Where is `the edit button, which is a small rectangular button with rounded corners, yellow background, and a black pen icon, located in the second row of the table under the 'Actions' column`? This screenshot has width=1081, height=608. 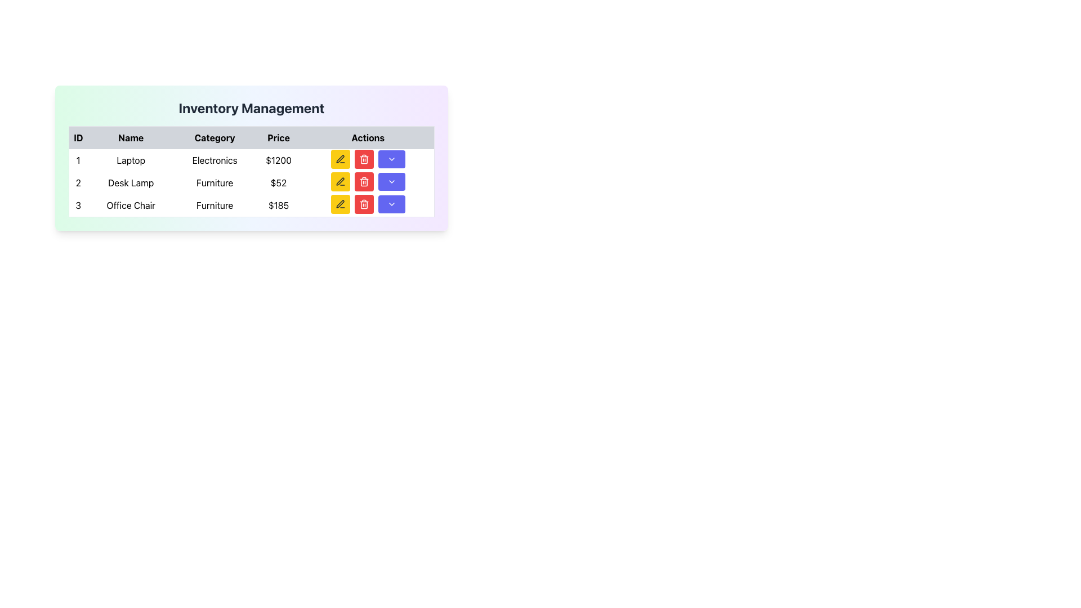 the edit button, which is a small rectangular button with rounded corners, yellow background, and a black pen icon, located in the second row of the table under the 'Actions' column is located at coordinates (340, 181).